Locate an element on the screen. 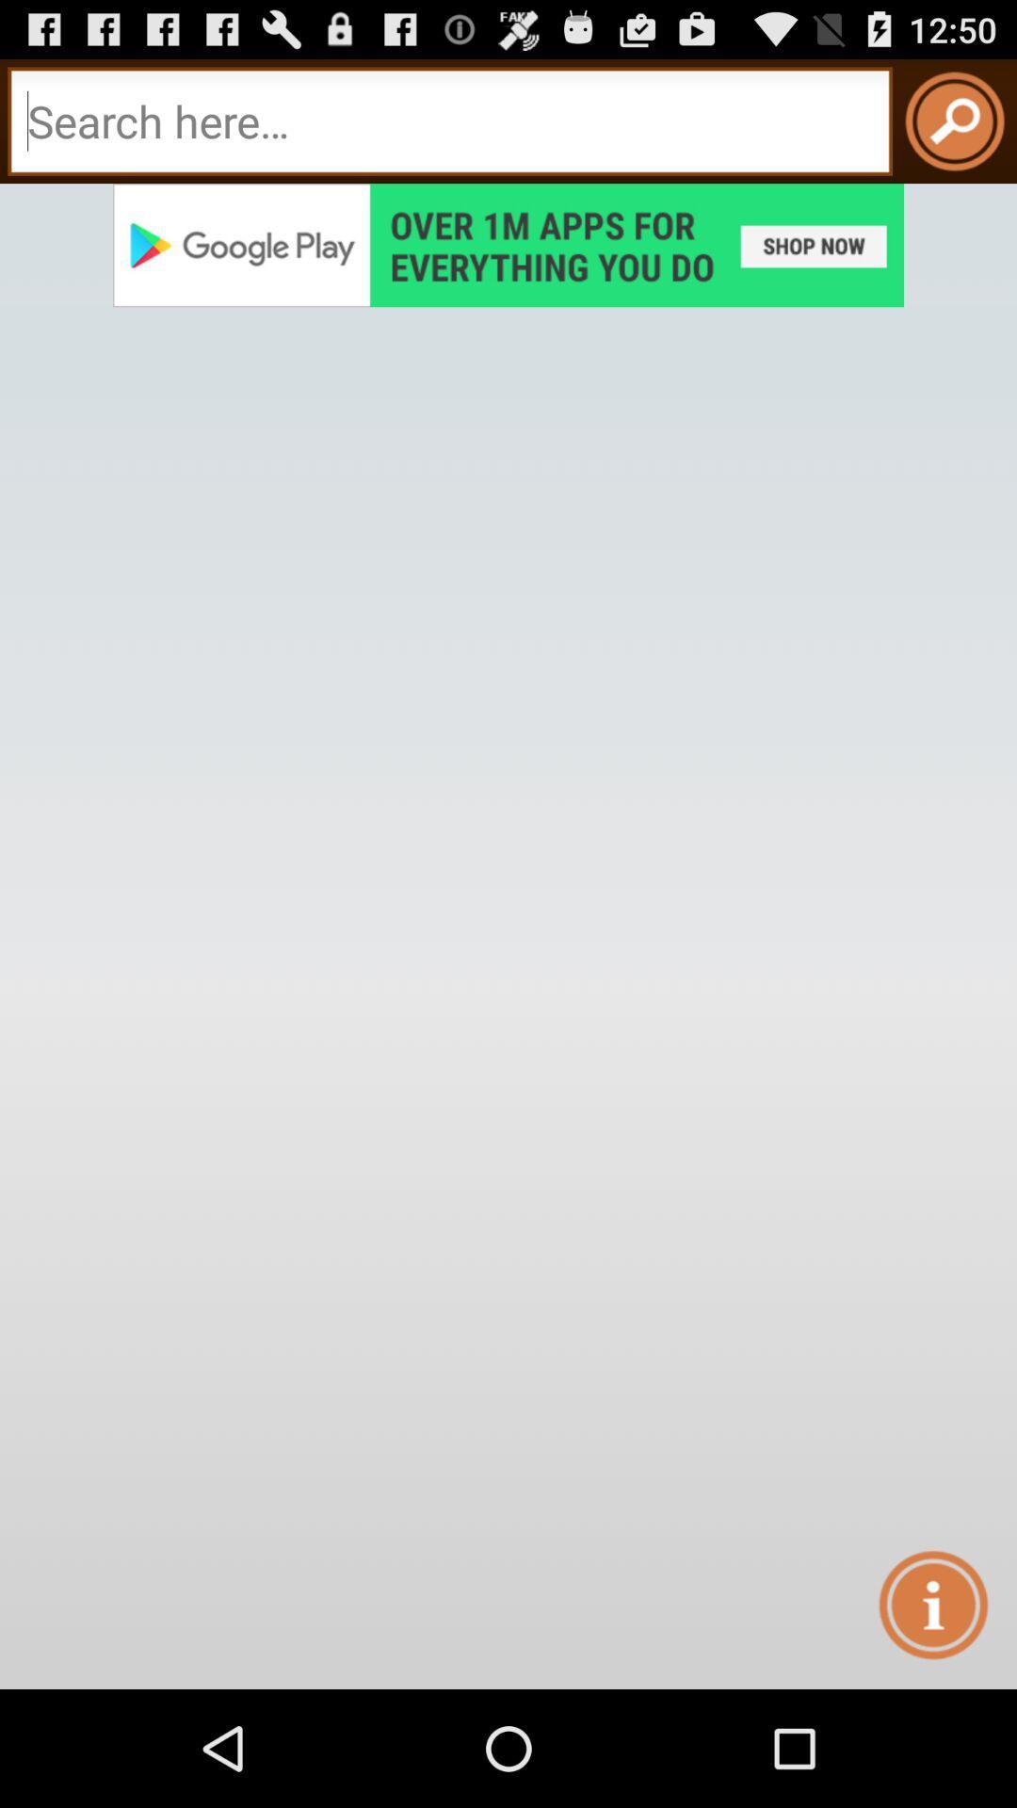 Image resolution: width=1017 pixels, height=1808 pixels. type in the search bar is located at coordinates (450, 121).